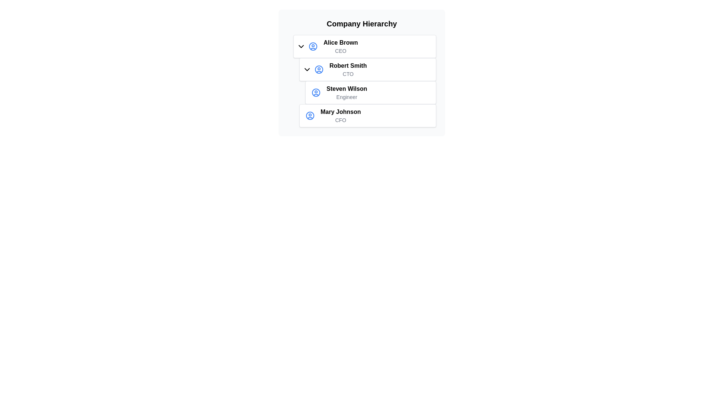 Image resolution: width=714 pixels, height=402 pixels. I want to click on text block displaying 'Mary Johnson' with the designation 'CFO', which is aligned to the right of a blue circular user icon in the last row of the 'Company Hierarchy' list, so click(340, 116).